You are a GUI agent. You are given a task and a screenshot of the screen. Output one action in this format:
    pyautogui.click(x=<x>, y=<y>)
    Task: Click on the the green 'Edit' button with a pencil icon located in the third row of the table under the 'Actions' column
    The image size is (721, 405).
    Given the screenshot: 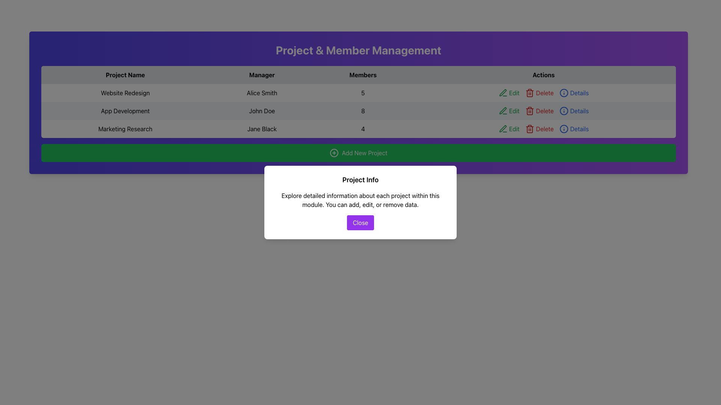 What is the action you would take?
    pyautogui.click(x=509, y=92)
    